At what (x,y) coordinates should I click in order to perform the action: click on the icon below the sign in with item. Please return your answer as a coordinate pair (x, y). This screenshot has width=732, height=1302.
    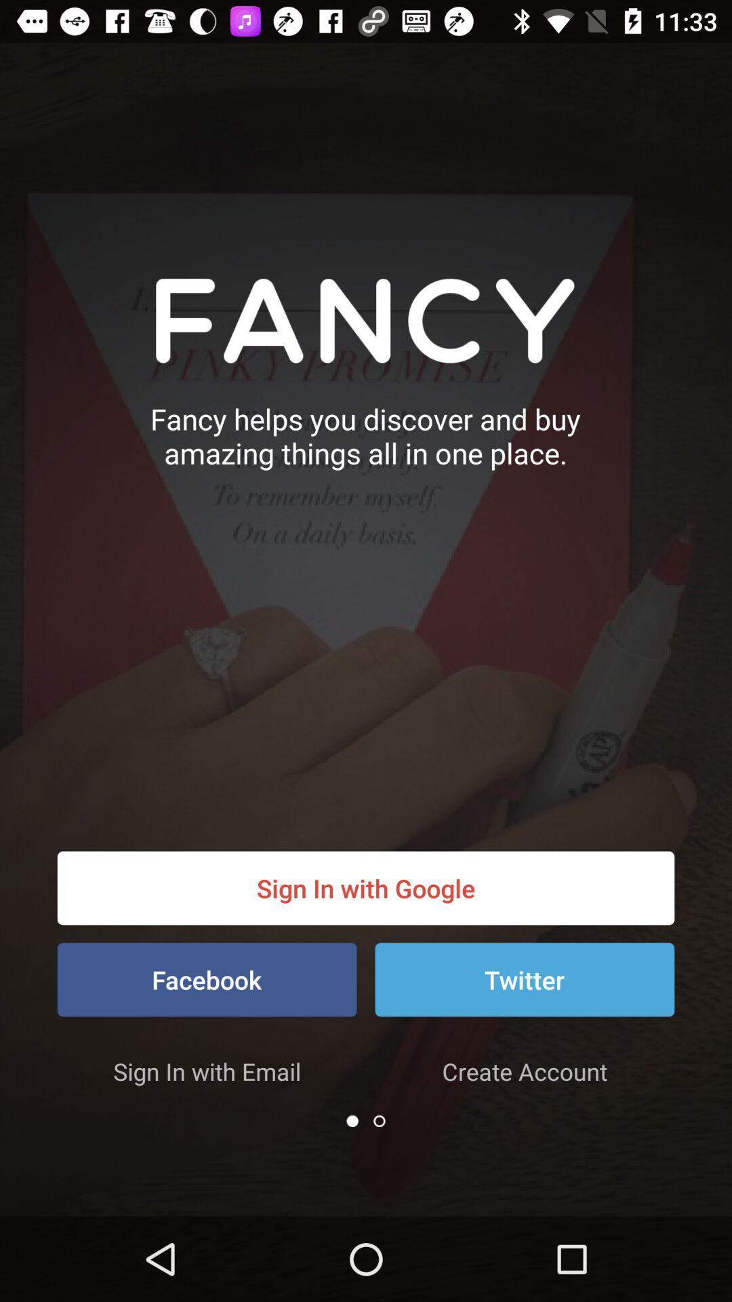
    Looking at the image, I should click on (524, 979).